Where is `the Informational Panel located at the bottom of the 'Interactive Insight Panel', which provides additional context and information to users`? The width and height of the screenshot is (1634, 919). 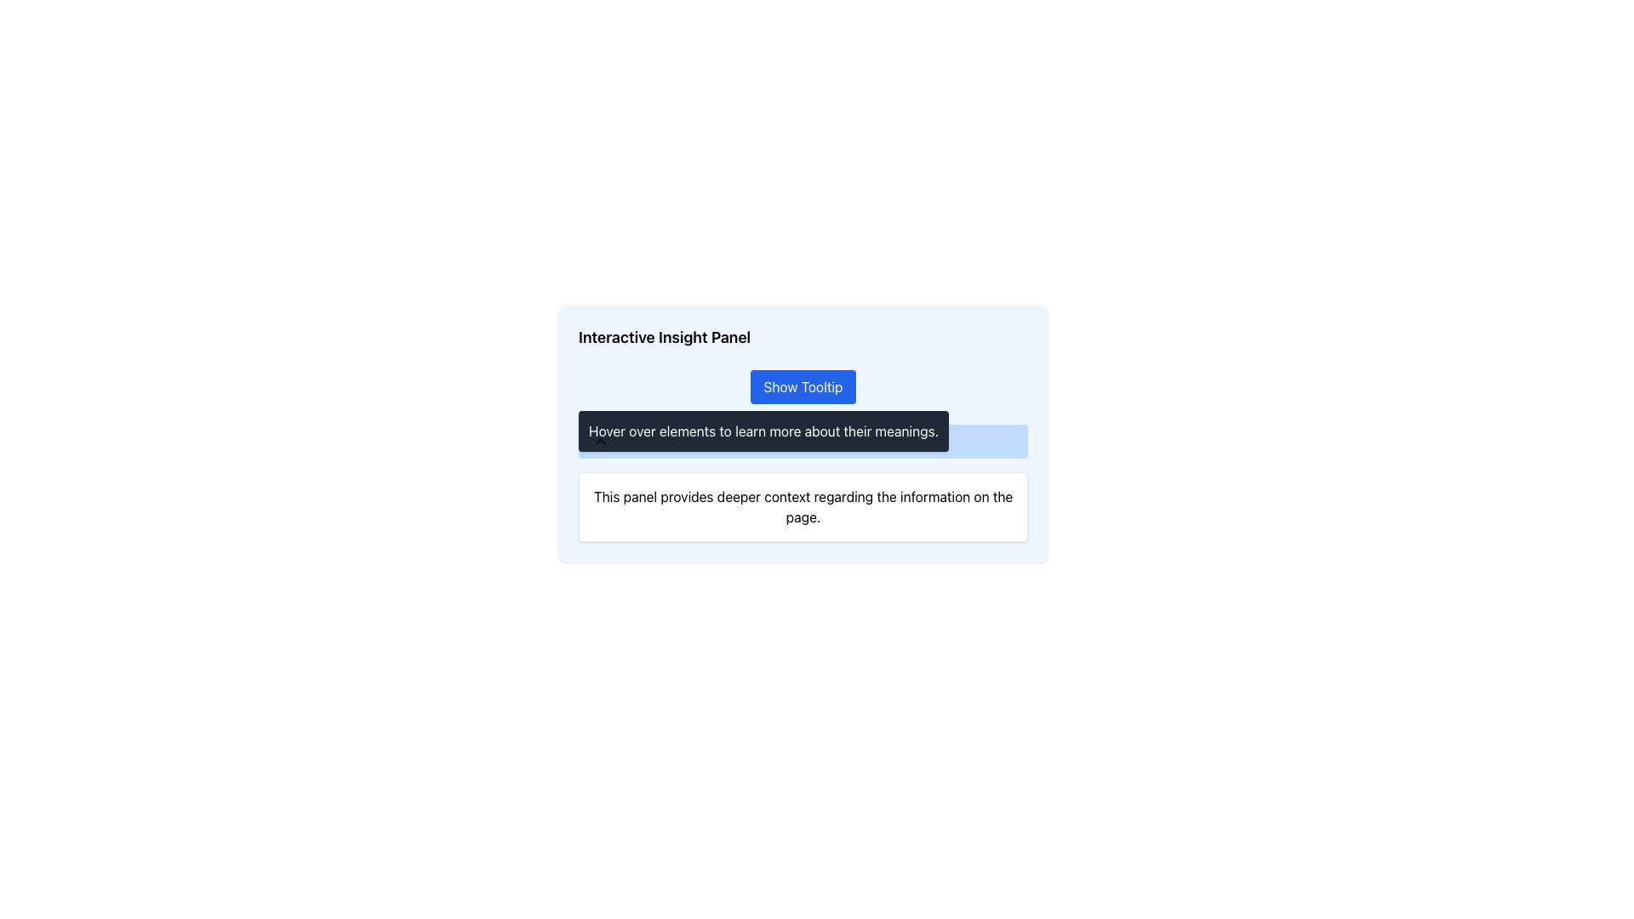
the Informational Panel located at the bottom of the 'Interactive Insight Panel', which provides additional context and information to users is located at coordinates (803, 482).